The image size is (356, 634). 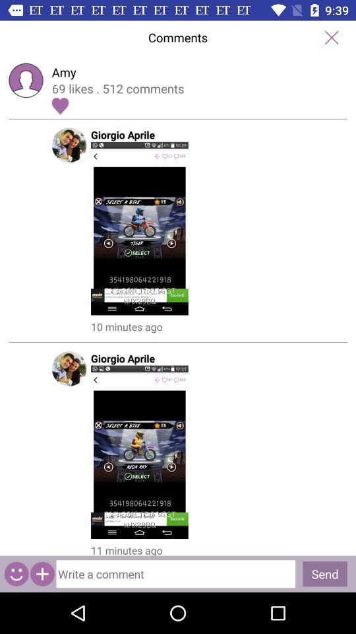 I want to click on the emoji icon, so click(x=16, y=573).